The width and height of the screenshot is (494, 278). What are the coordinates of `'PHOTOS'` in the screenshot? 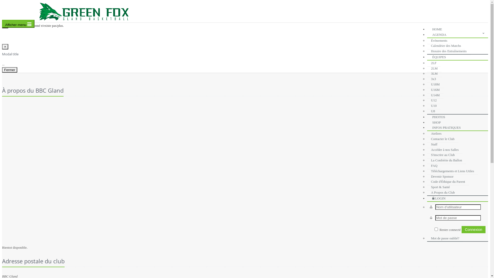 It's located at (427, 116).